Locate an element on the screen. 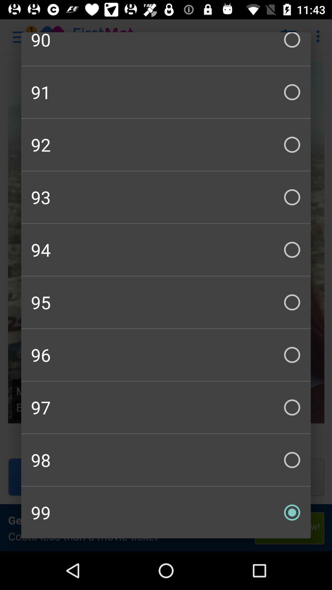  item above the 93 is located at coordinates (166, 144).